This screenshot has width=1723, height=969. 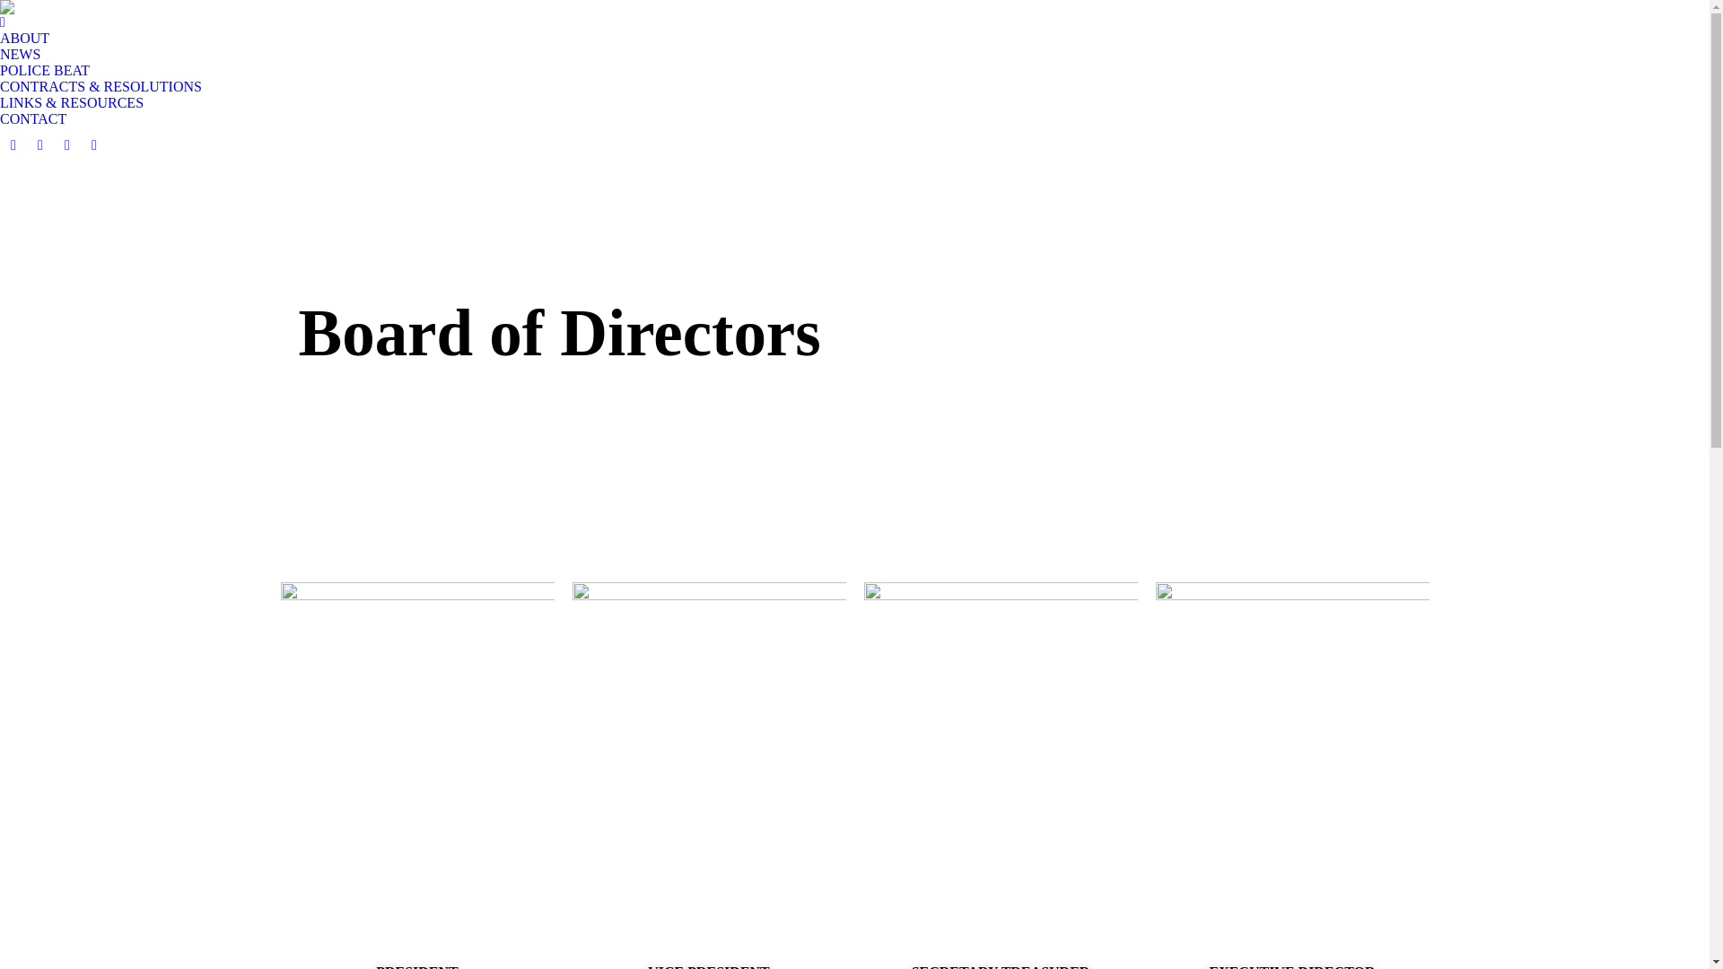 I want to click on 'CONTRACTS & RESOLUTIONS', so click(x=100, y=86).